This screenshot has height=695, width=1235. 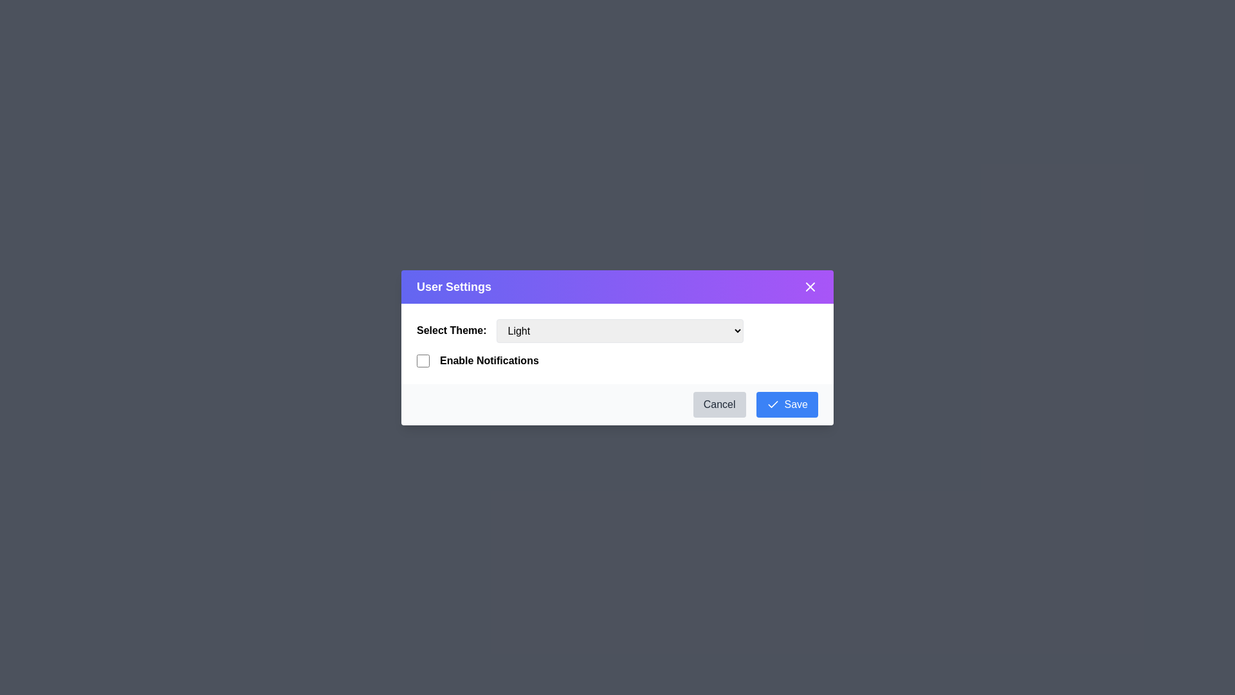 What do you see at coordinates (809, 286) in the screenshot?
I see `the close button to close the dialog` at bounding box center [809, 286].